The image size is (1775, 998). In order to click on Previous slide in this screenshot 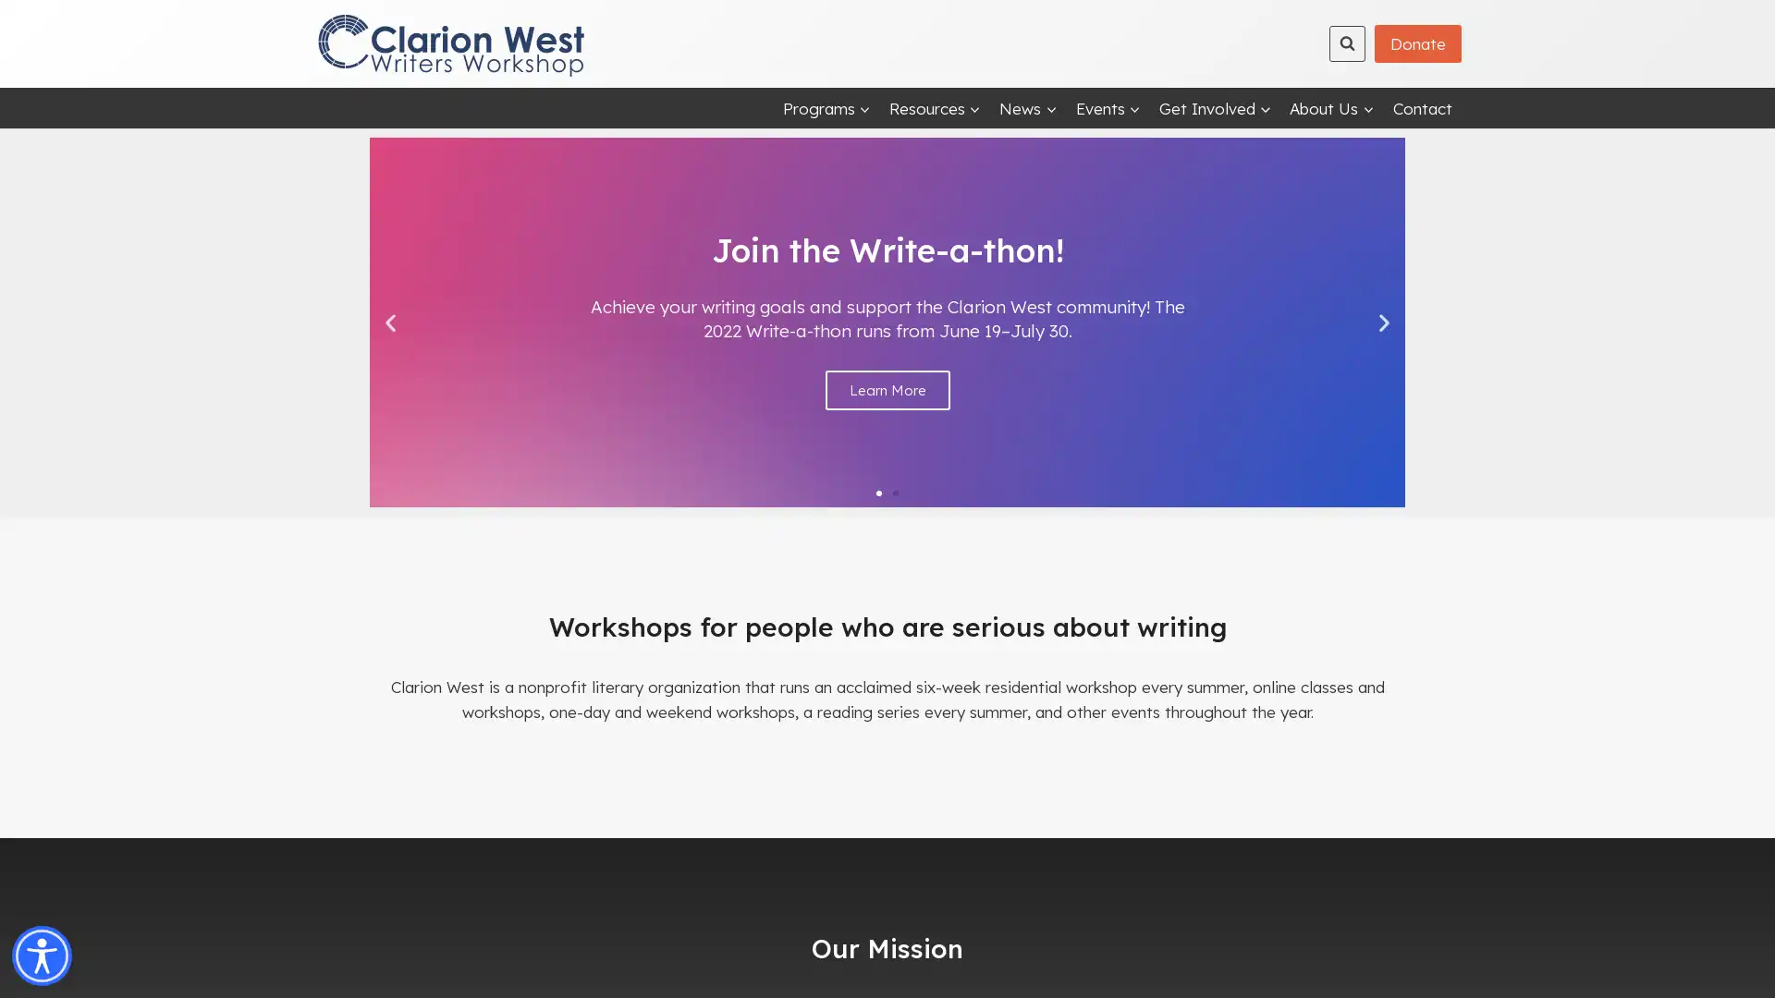, I will do `click(389, 321)`.